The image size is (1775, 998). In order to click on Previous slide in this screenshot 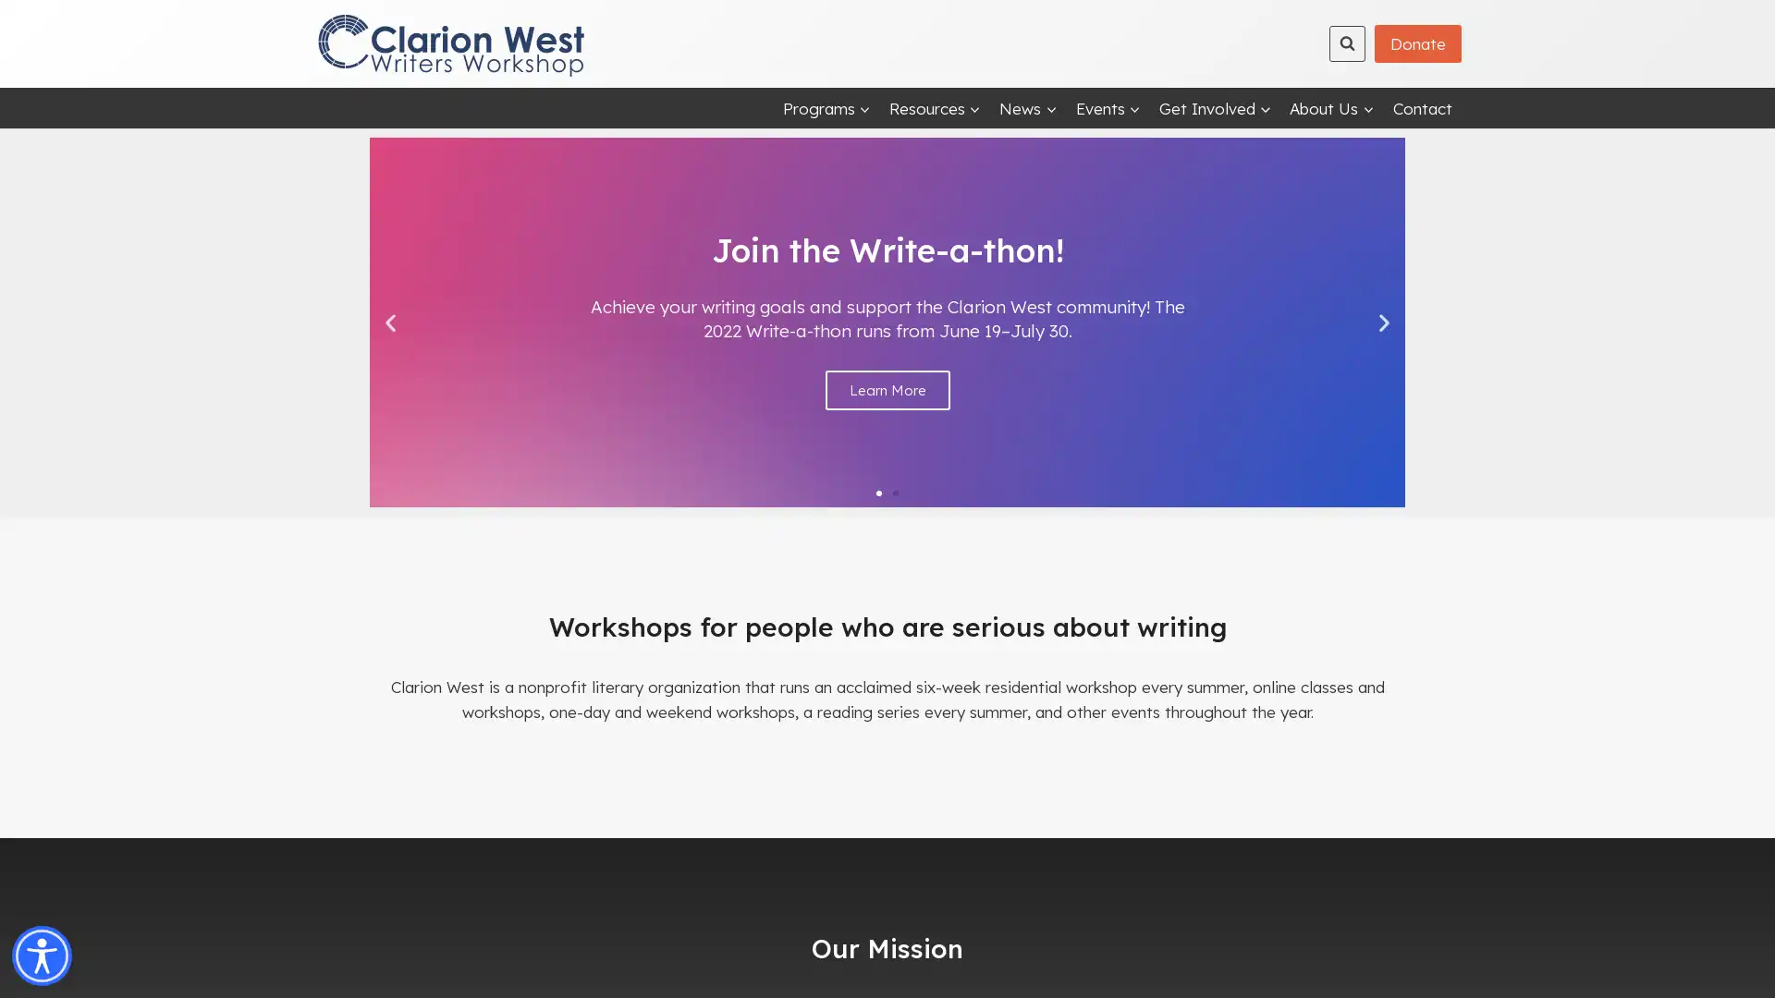, I will do `click(389, 321)`.